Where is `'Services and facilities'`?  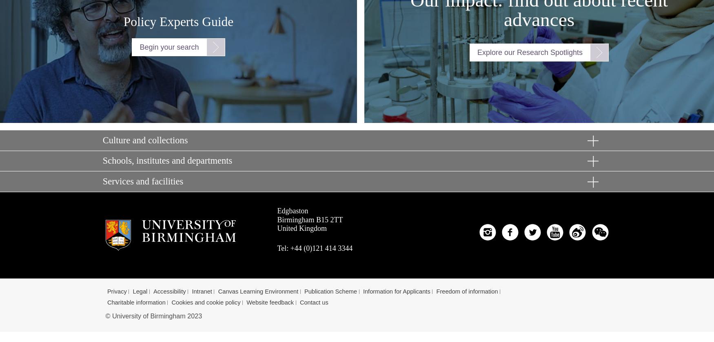
'Services and facilities' is located at coordinates (143, 181).